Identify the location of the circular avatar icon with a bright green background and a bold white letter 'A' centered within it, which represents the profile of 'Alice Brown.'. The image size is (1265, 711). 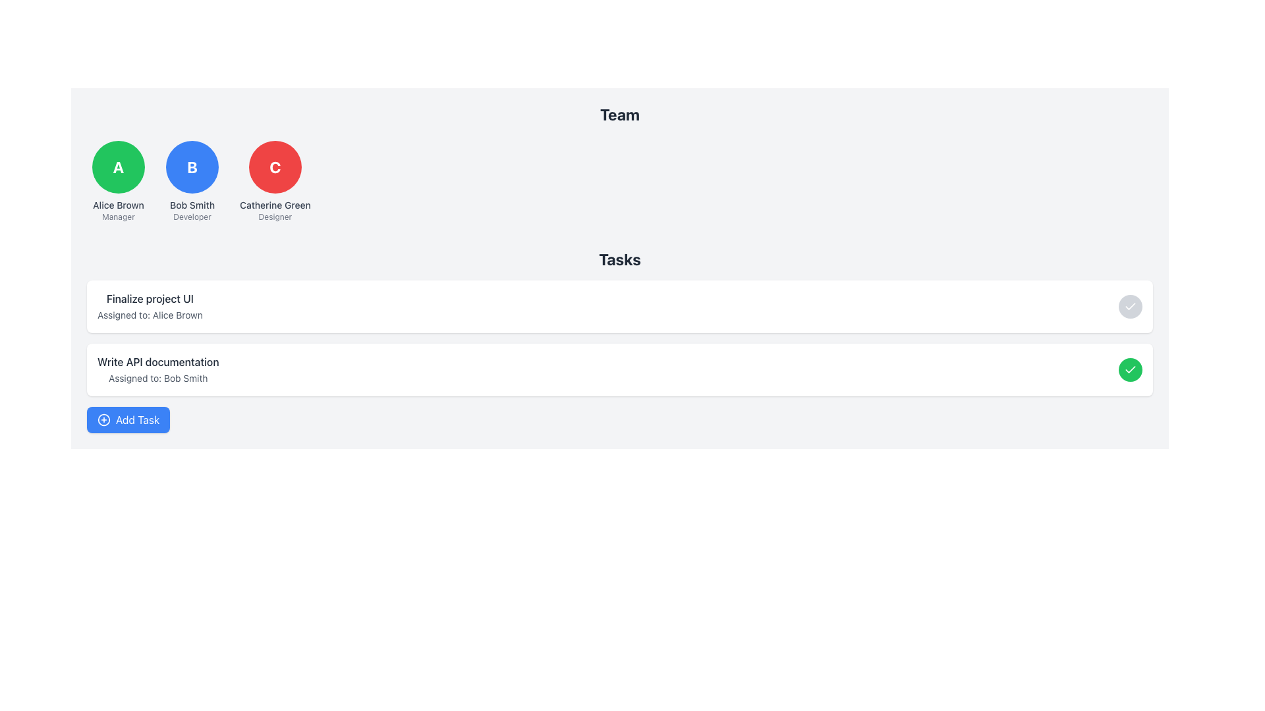
(119, 167).